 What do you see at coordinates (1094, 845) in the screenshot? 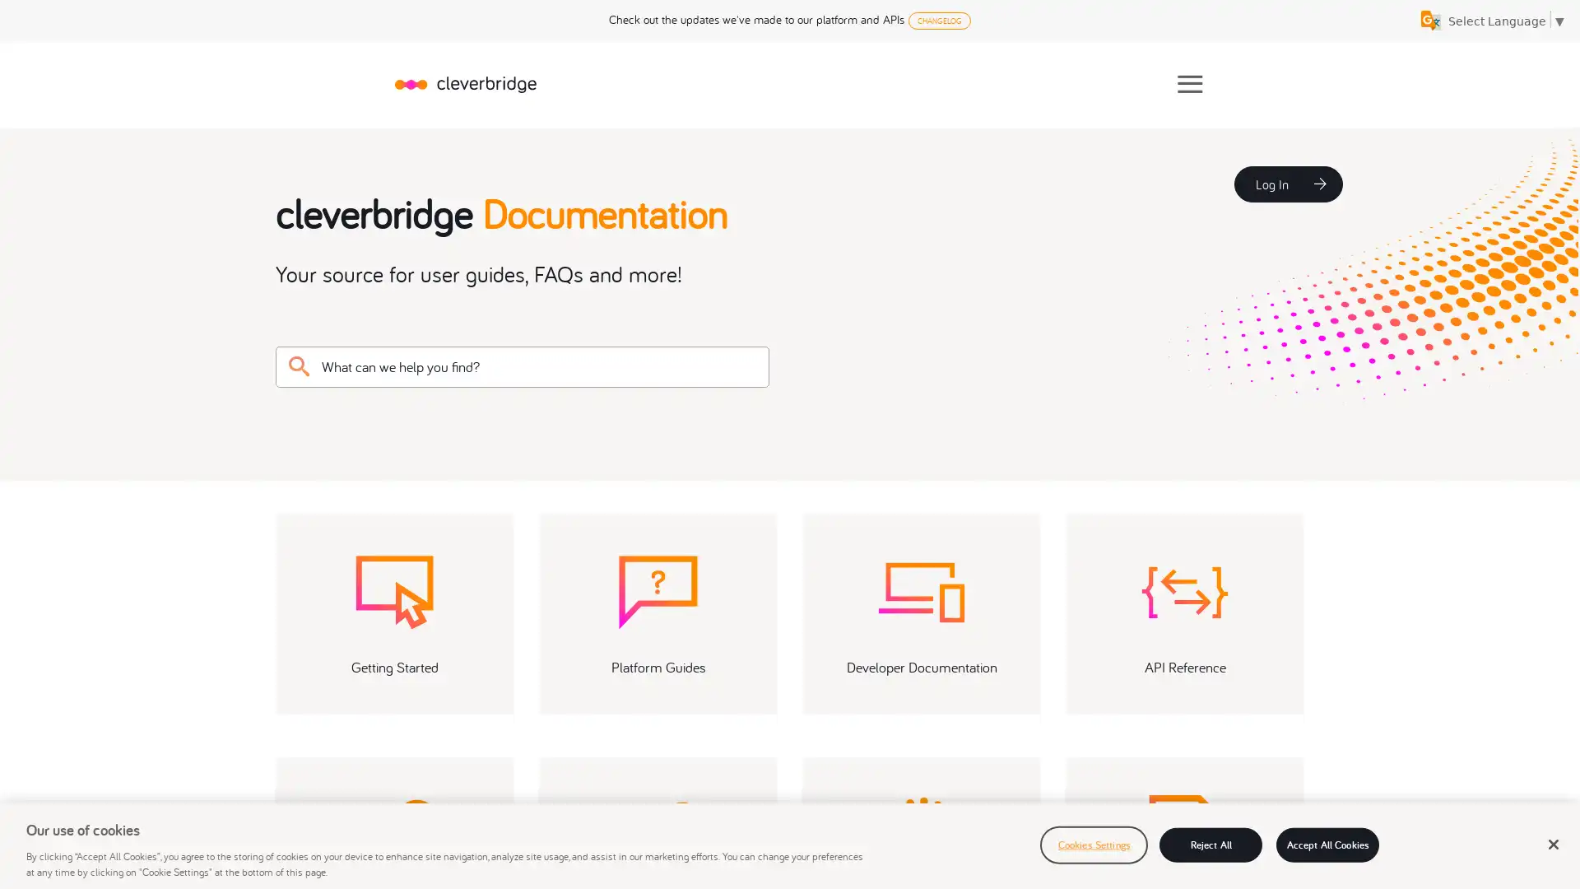
I see `Cookies Settings` at bounding box center [1094, 845].